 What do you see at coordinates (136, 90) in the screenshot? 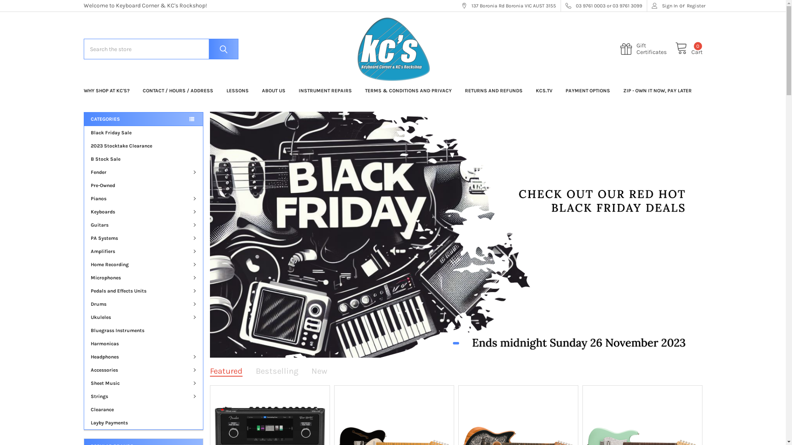
I see `'CONTACT / HOURS / ADDRESS'` at bounding box center [136, 90].